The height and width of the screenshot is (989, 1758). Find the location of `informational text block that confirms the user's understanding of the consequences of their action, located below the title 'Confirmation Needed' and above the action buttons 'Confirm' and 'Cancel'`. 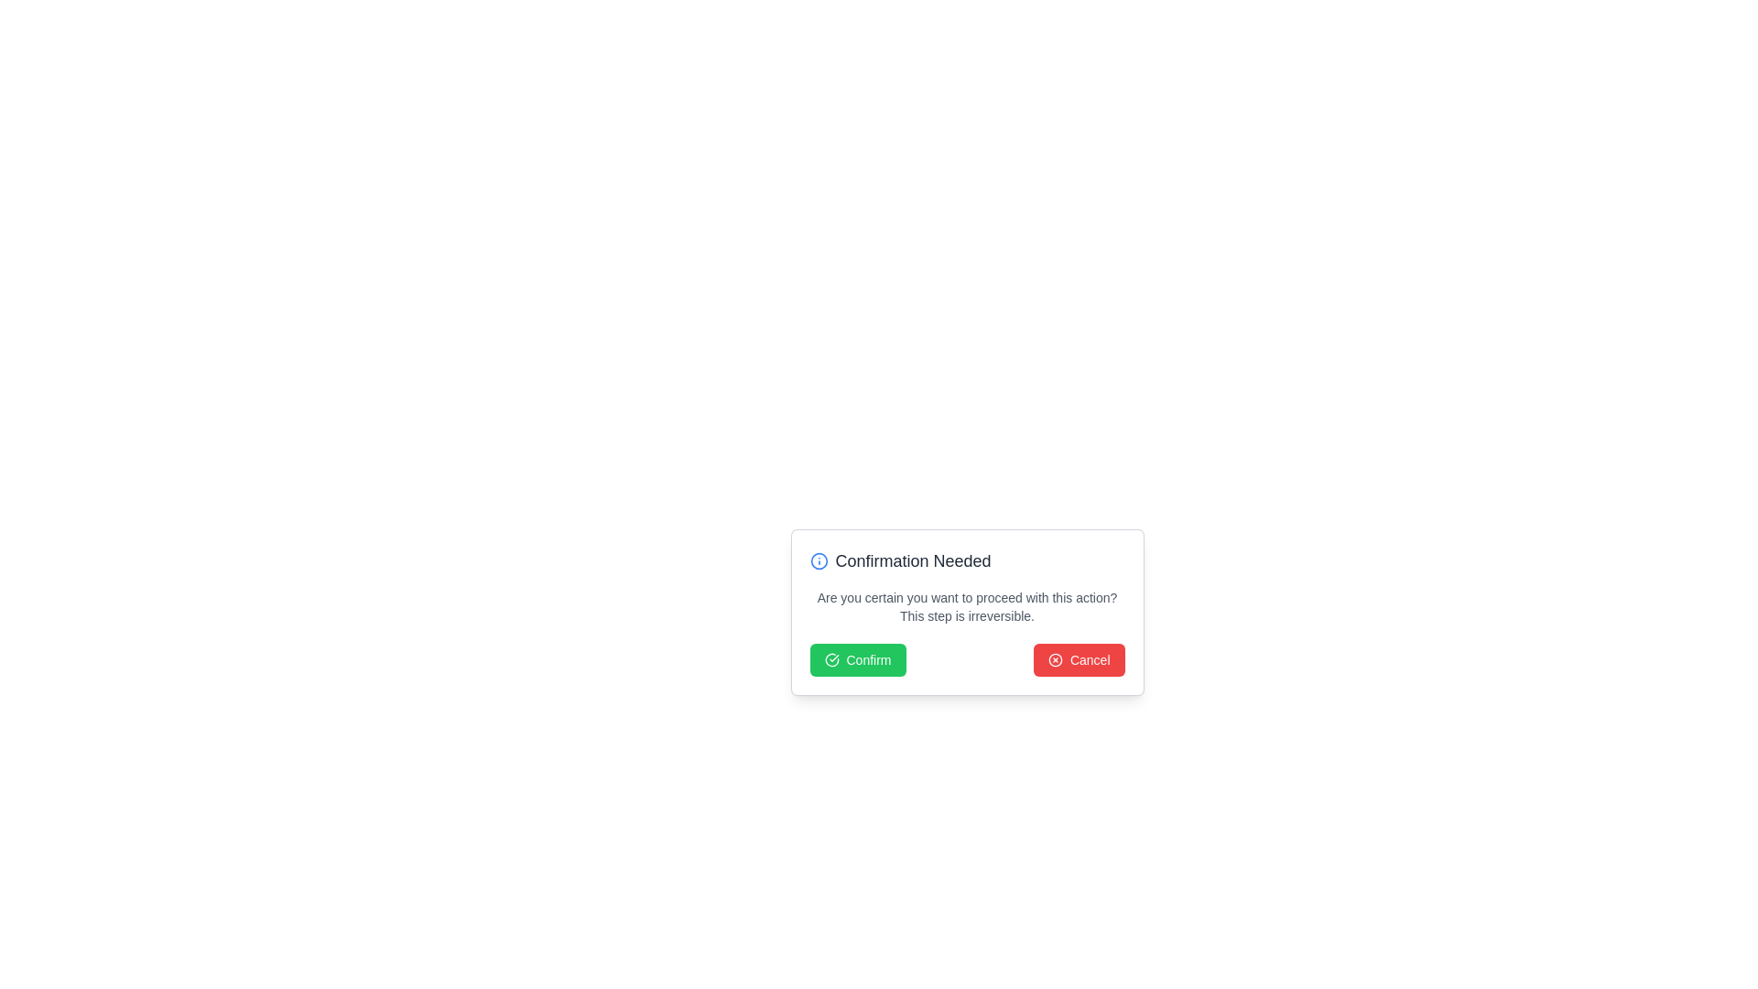

informational text block that confirms the user's understanding of the consequences of their action, located below the title 'Confirmation Needed' and above the action buttons 'Confirm' and 'Cancel' is located at coordinates (966, 607).